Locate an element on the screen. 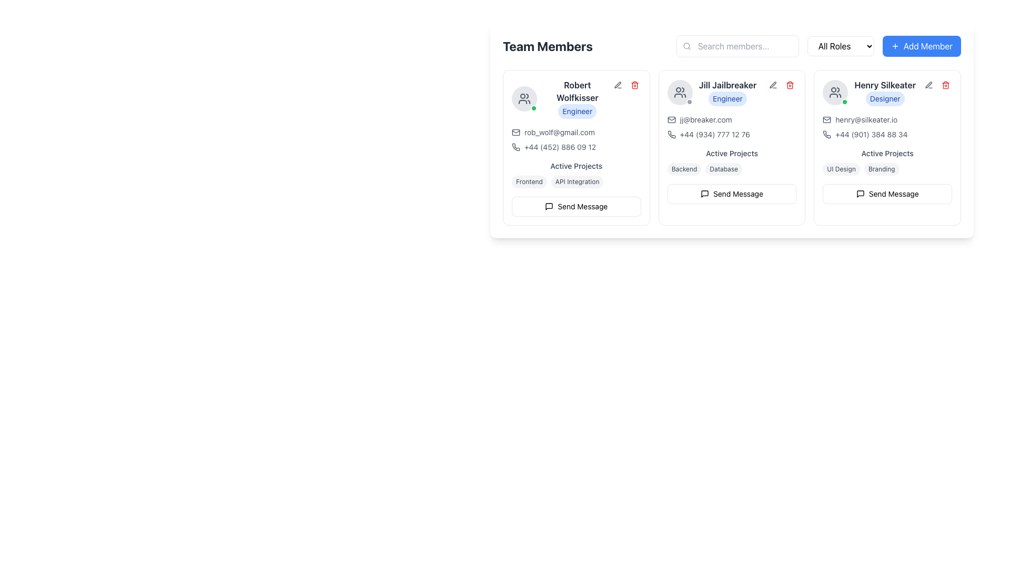  the name 'Jill Jailbreaker' or the role 'Engineer' in the profile section is located at coordinates (712, 92).